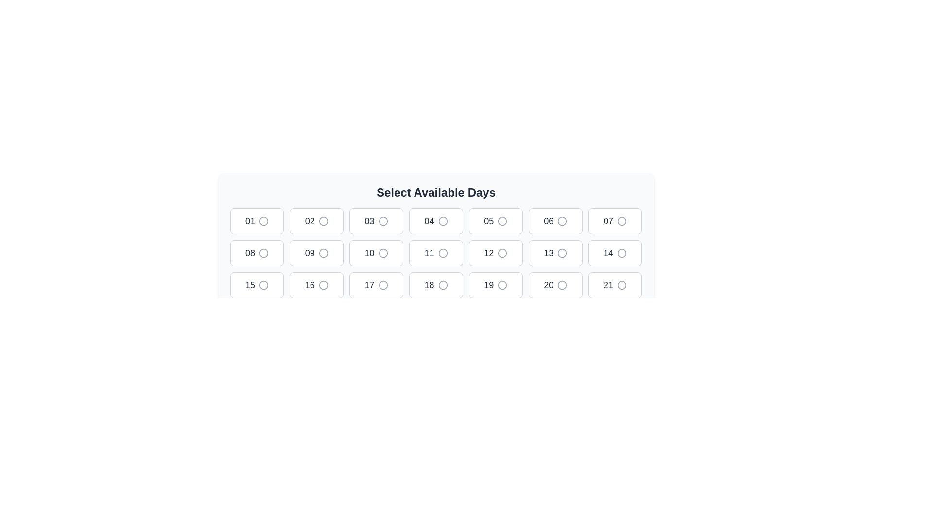 The width and height of the screenshot is (933, 524). Describe the element at coordinates (323, 284) in the screenshot. I see `the radio button` at that location.